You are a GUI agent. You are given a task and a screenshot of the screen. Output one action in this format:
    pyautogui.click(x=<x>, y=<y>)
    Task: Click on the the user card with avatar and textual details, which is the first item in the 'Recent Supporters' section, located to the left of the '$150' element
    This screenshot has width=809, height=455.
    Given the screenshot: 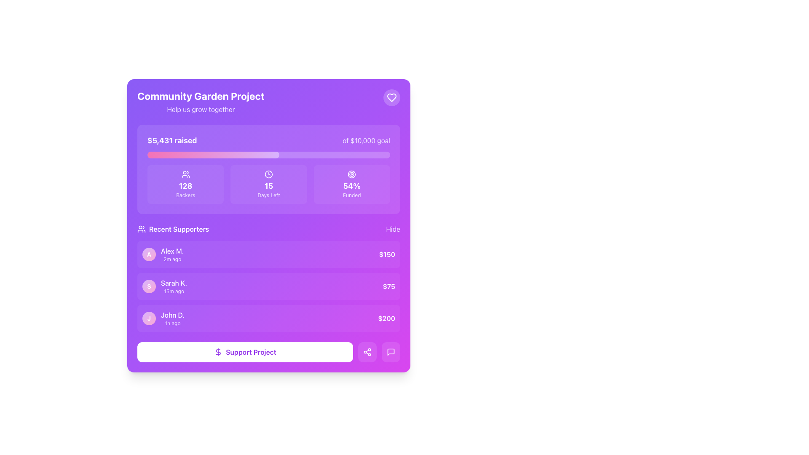 What is the action you would take?
    pyautogui.click(x=163, y=254)
    